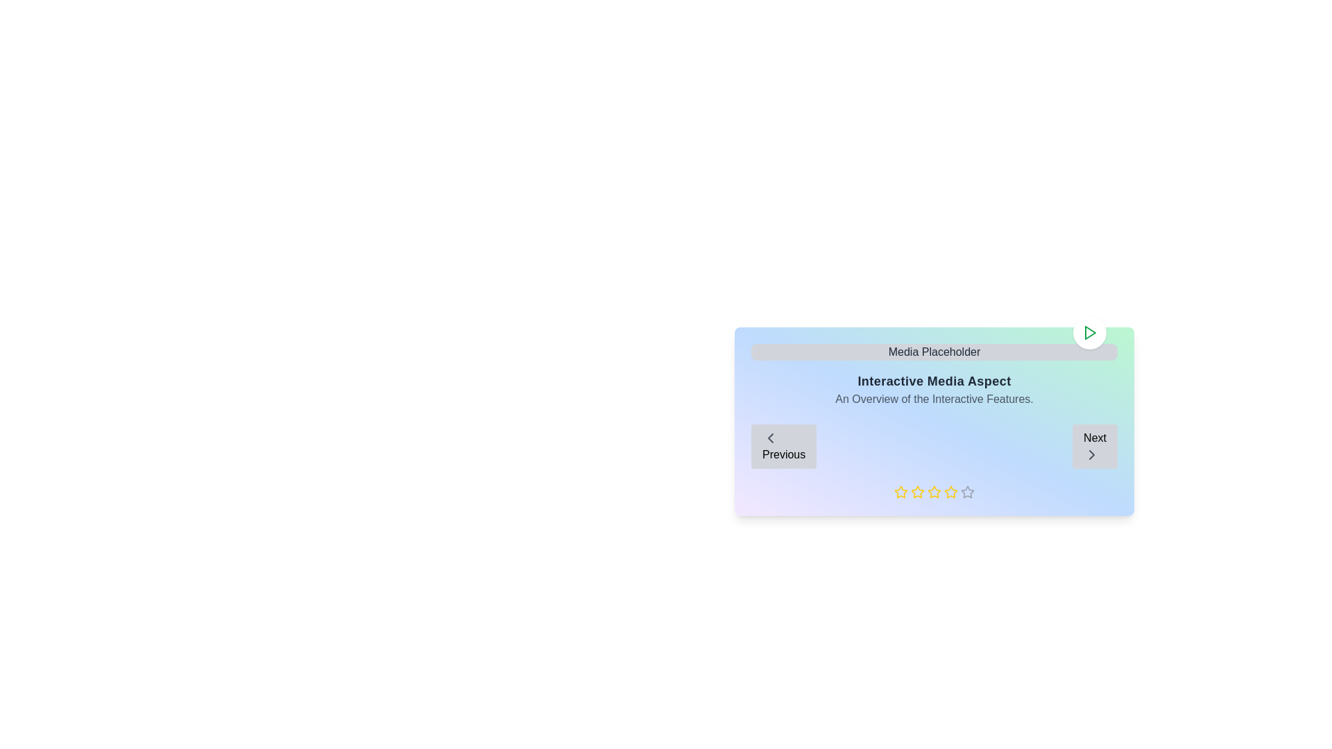  I want to click on the first star icon in the rating system, located under the title 'Interactive Media Aspect.', so click(901, 491).